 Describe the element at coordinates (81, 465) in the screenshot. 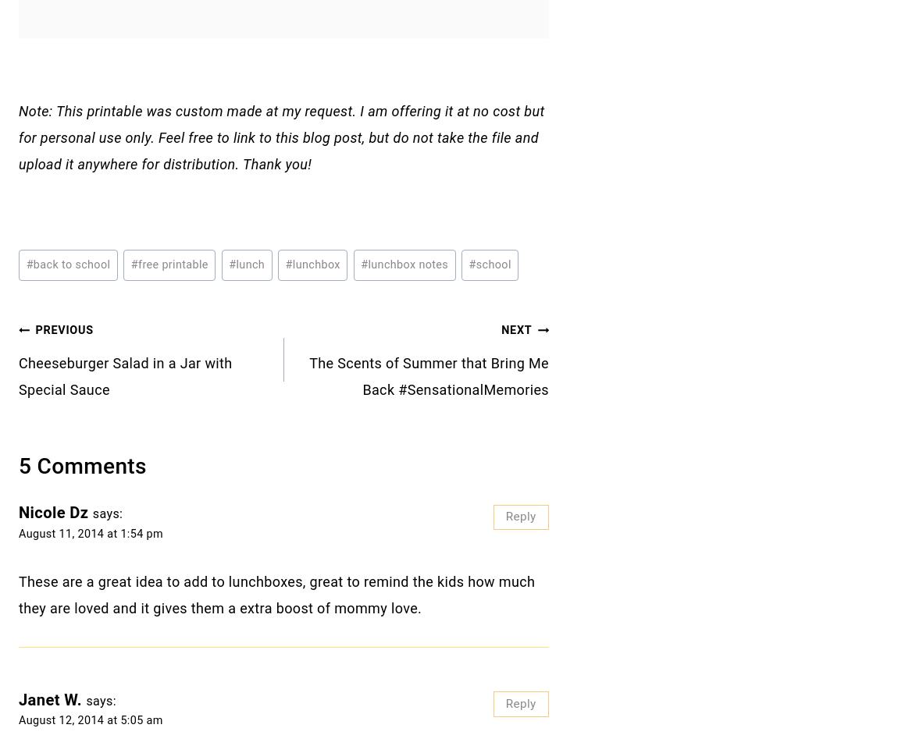

I see `'5 Comments'` at that location.